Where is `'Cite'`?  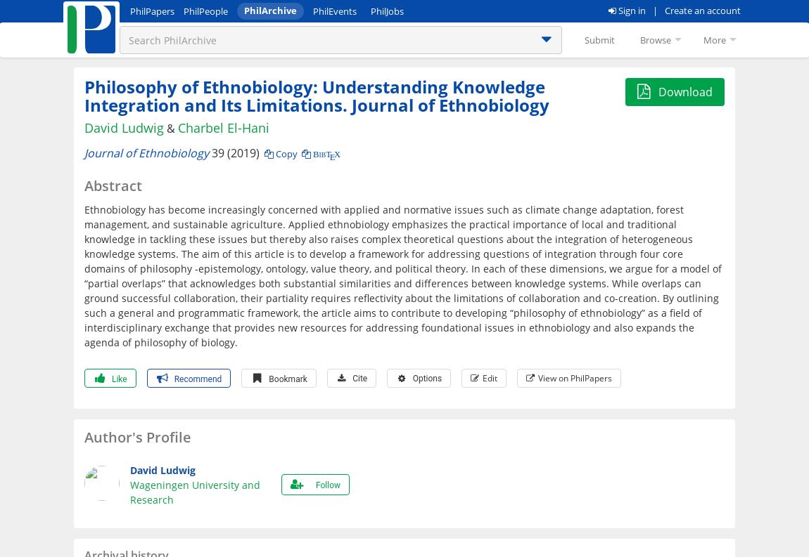
'Cite' is located at coordinates (359, 376).